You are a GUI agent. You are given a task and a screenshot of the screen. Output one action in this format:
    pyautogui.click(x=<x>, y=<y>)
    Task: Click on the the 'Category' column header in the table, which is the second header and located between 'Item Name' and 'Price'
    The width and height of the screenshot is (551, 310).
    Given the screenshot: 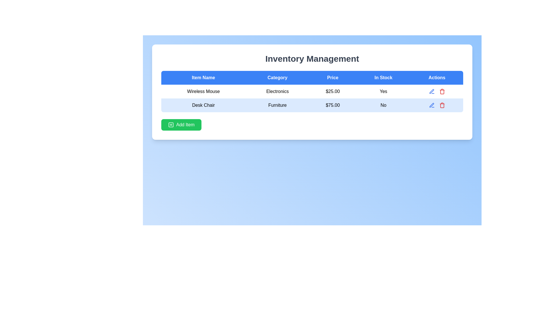 What is the action you would take?
    pyautogui.click(x=277, y=77)
    